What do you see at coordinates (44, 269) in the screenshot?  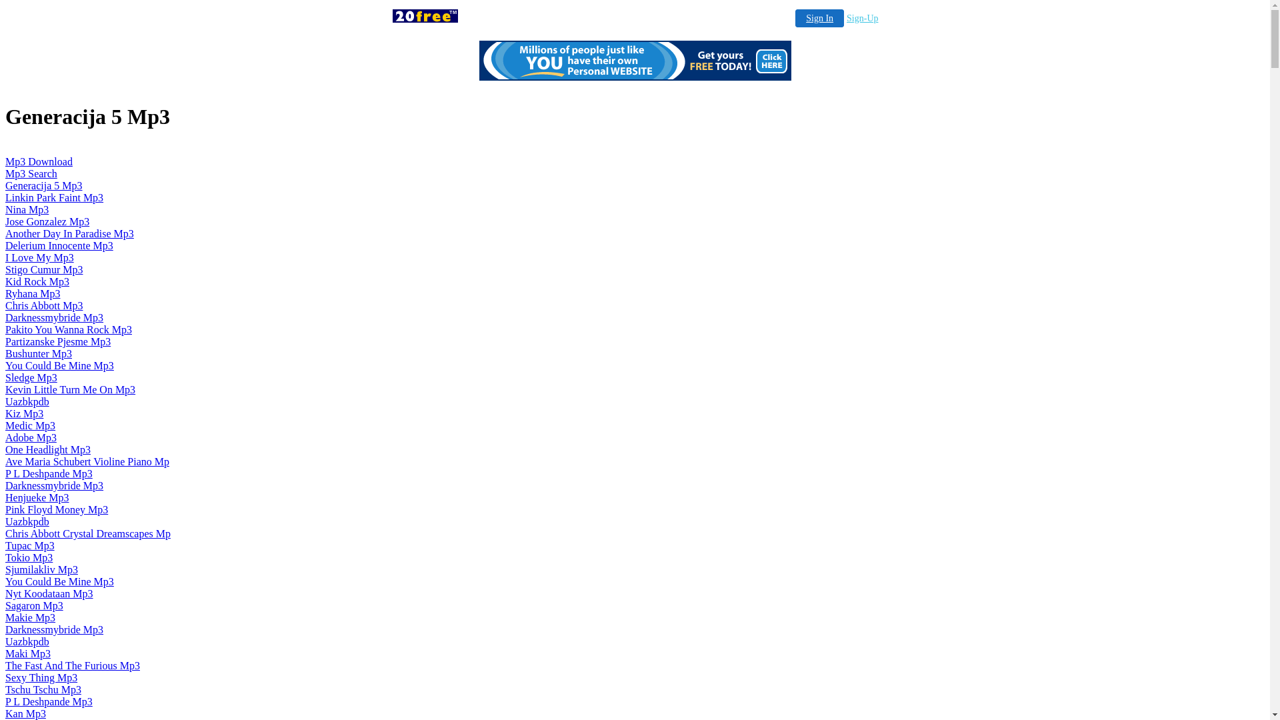 I see `'Stigo Cumur Mp3'` at bounding box center [44, 269].